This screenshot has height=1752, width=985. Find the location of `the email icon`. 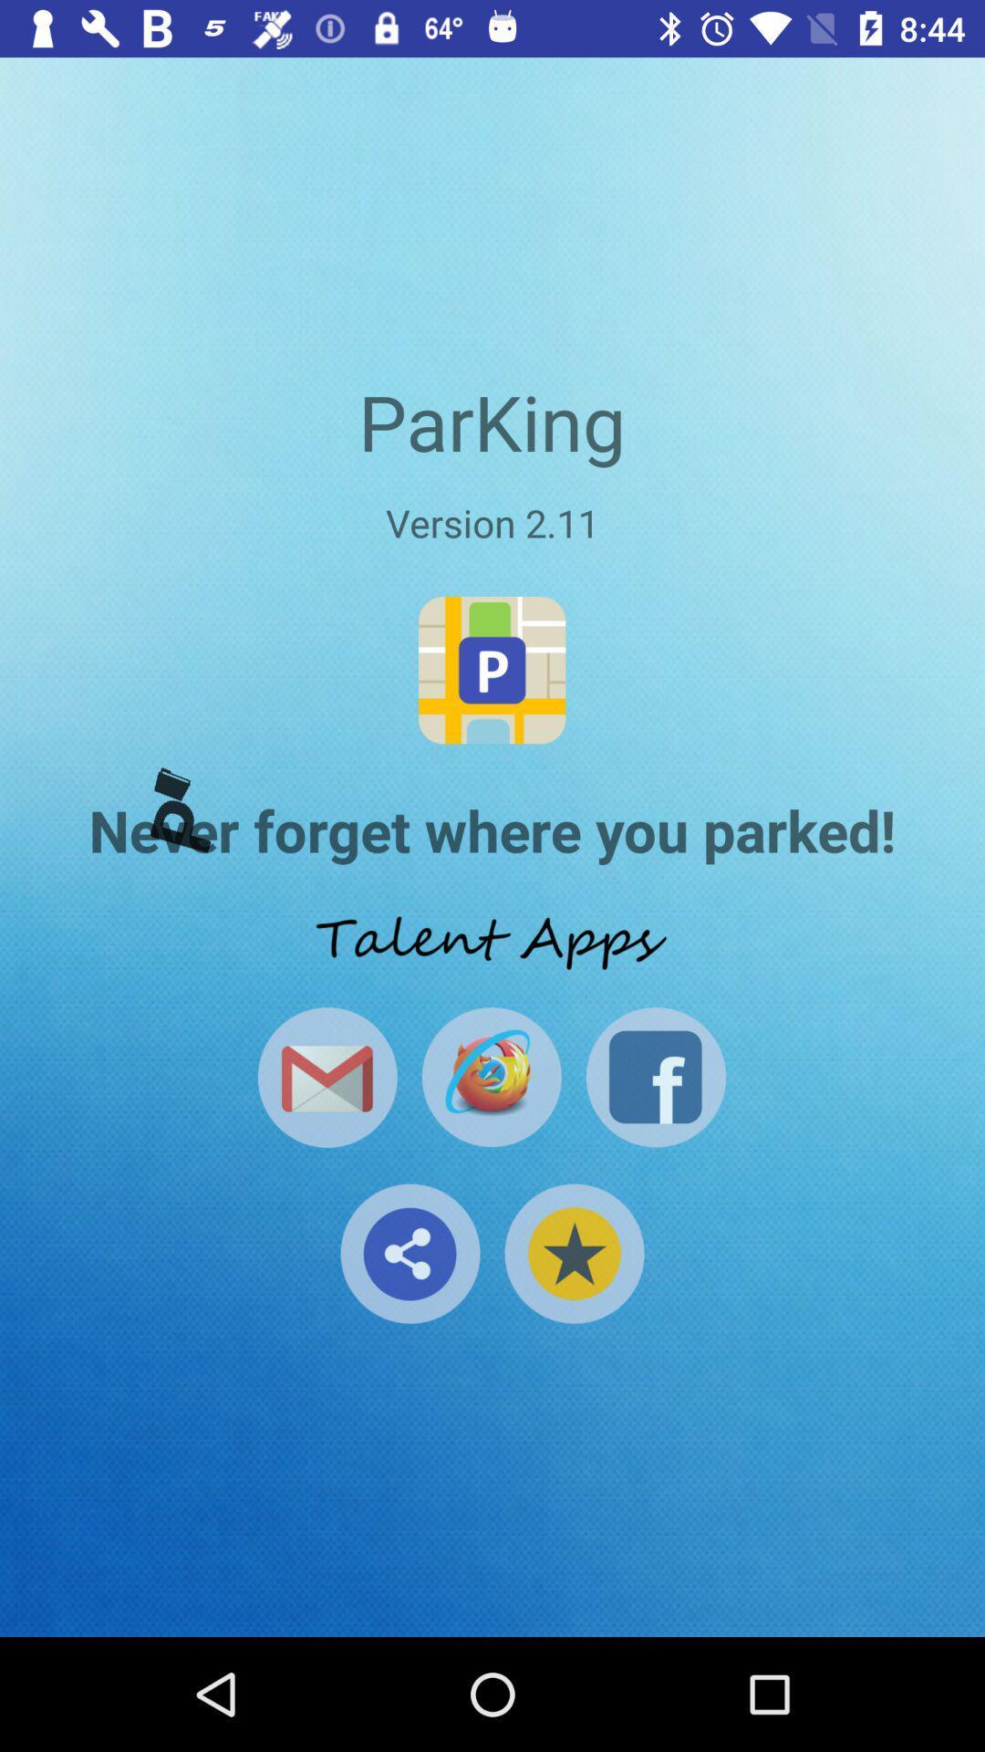

the email icon is located at coordinates (327, 1077).